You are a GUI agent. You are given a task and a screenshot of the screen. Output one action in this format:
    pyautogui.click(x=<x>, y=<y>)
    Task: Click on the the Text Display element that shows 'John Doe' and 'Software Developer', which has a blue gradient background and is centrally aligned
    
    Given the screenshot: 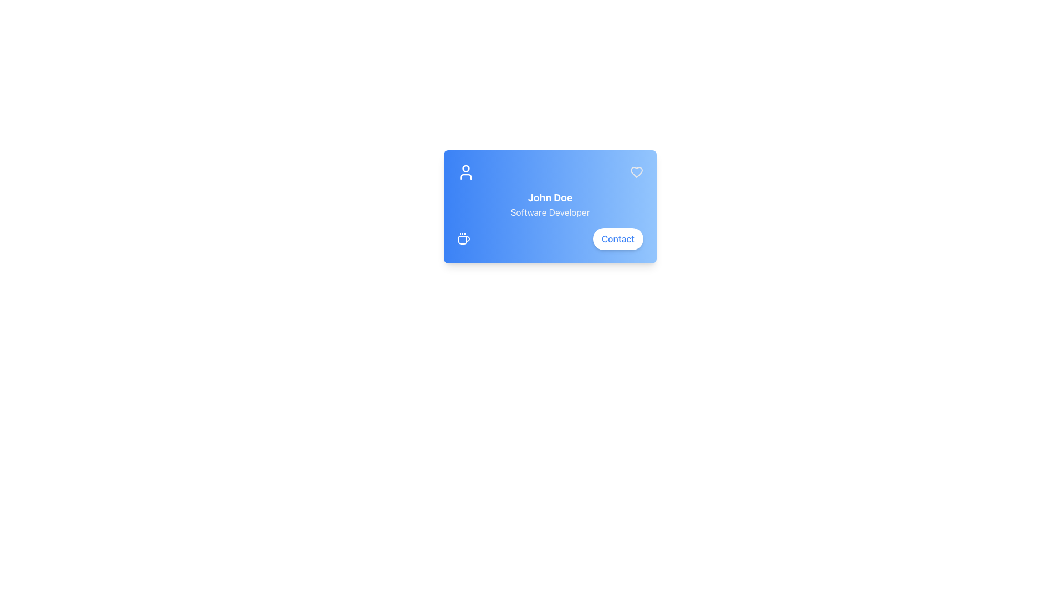 What is the action you would take?
    pyautogui.click(x=550, y=205)
    